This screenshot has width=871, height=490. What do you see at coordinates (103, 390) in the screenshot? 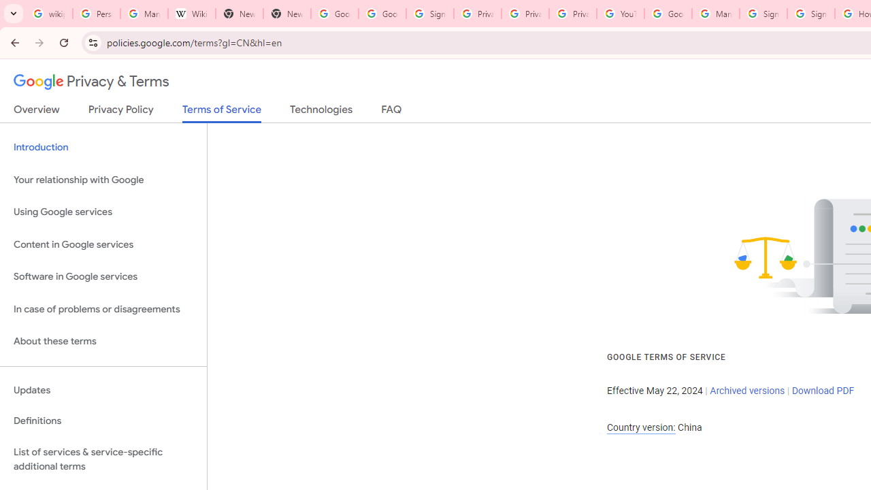
I see `'Updates'` at bounding box center [103, 390].